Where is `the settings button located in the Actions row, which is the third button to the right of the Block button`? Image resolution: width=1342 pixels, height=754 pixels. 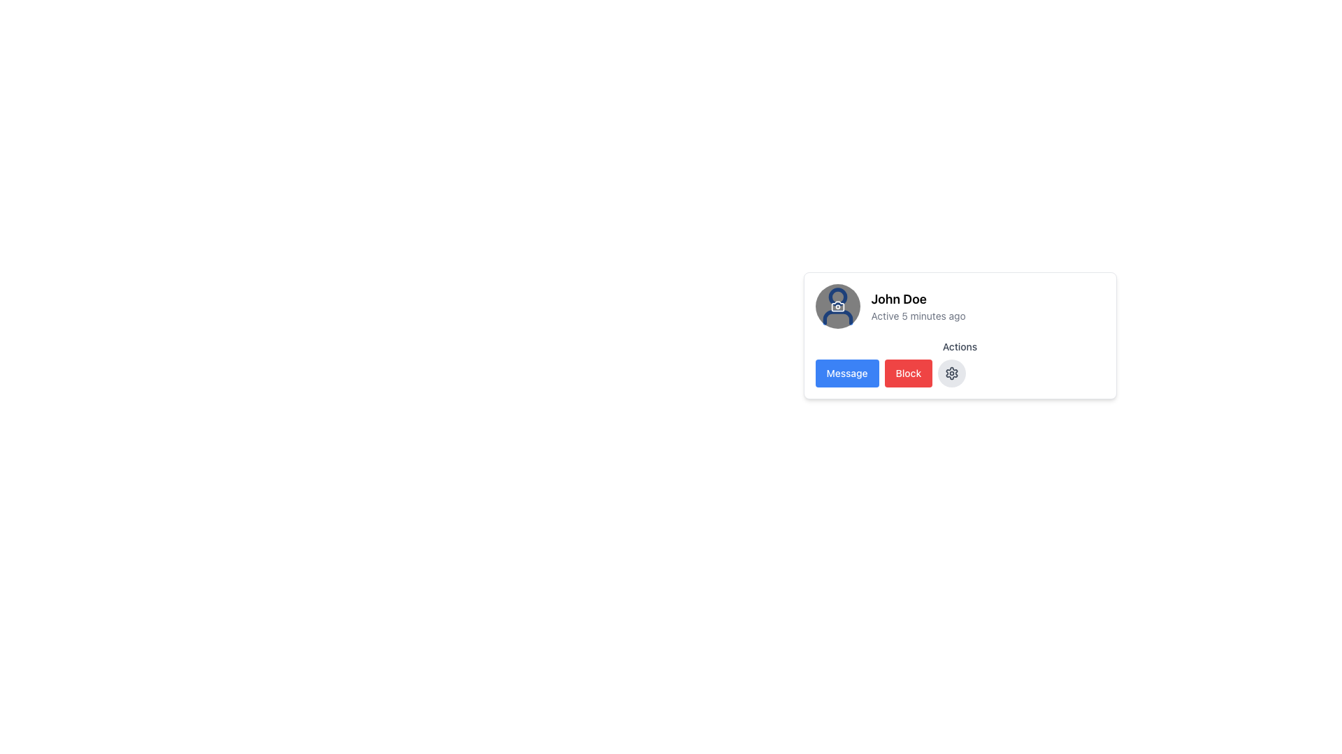
the settings button located in the Actions row, which is the third button to the right of the Block button is located at coordinates (951, 373).